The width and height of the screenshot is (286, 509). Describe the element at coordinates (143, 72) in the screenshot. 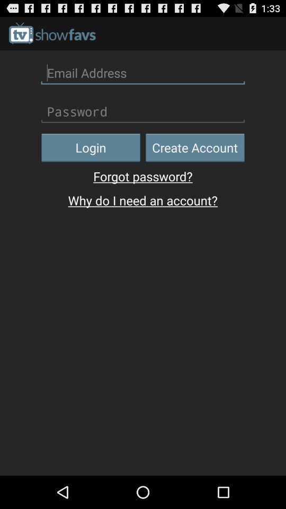

I see `email address` at that location.